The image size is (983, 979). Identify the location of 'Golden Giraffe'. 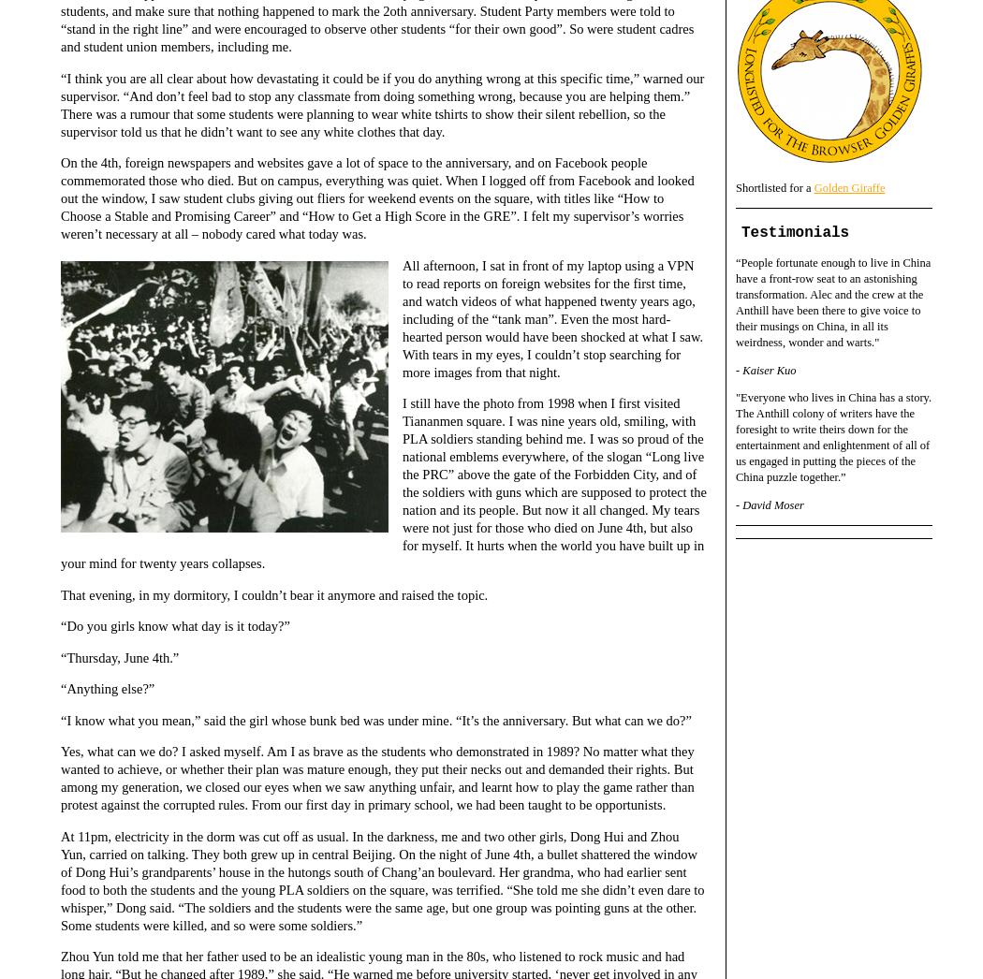
(848, 186).